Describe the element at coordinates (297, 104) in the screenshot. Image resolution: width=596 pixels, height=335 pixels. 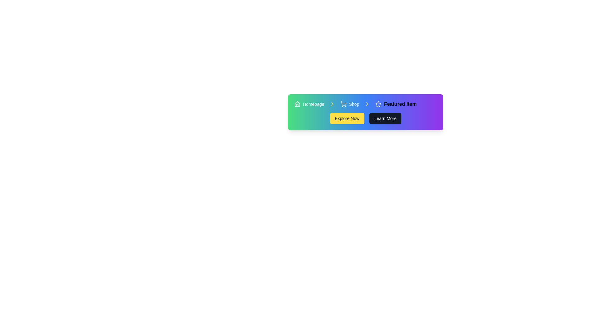
I see `the house-shaped icon representing the homepage, located in the top left menu bar before the text 'Homepage'` at that location.